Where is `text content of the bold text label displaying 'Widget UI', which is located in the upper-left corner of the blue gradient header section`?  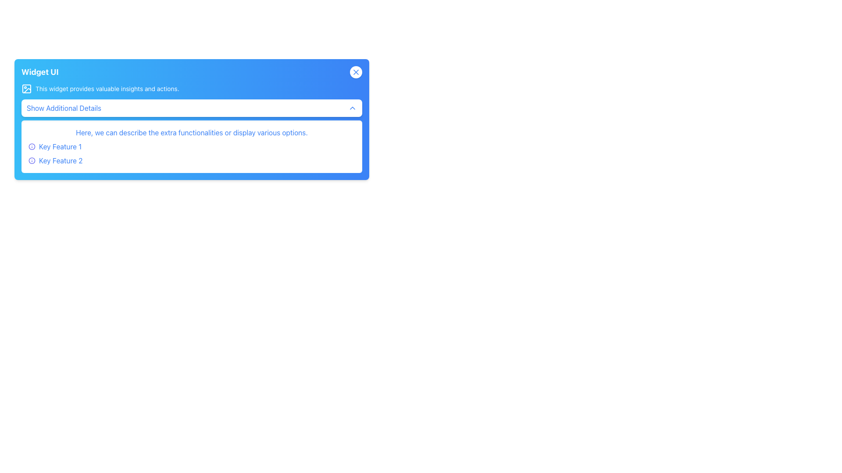
text content of the bold text label displaying 'Widget UI', which is located in the upper-left corner of the blue gradient header section is located at coordinates (39, 72).